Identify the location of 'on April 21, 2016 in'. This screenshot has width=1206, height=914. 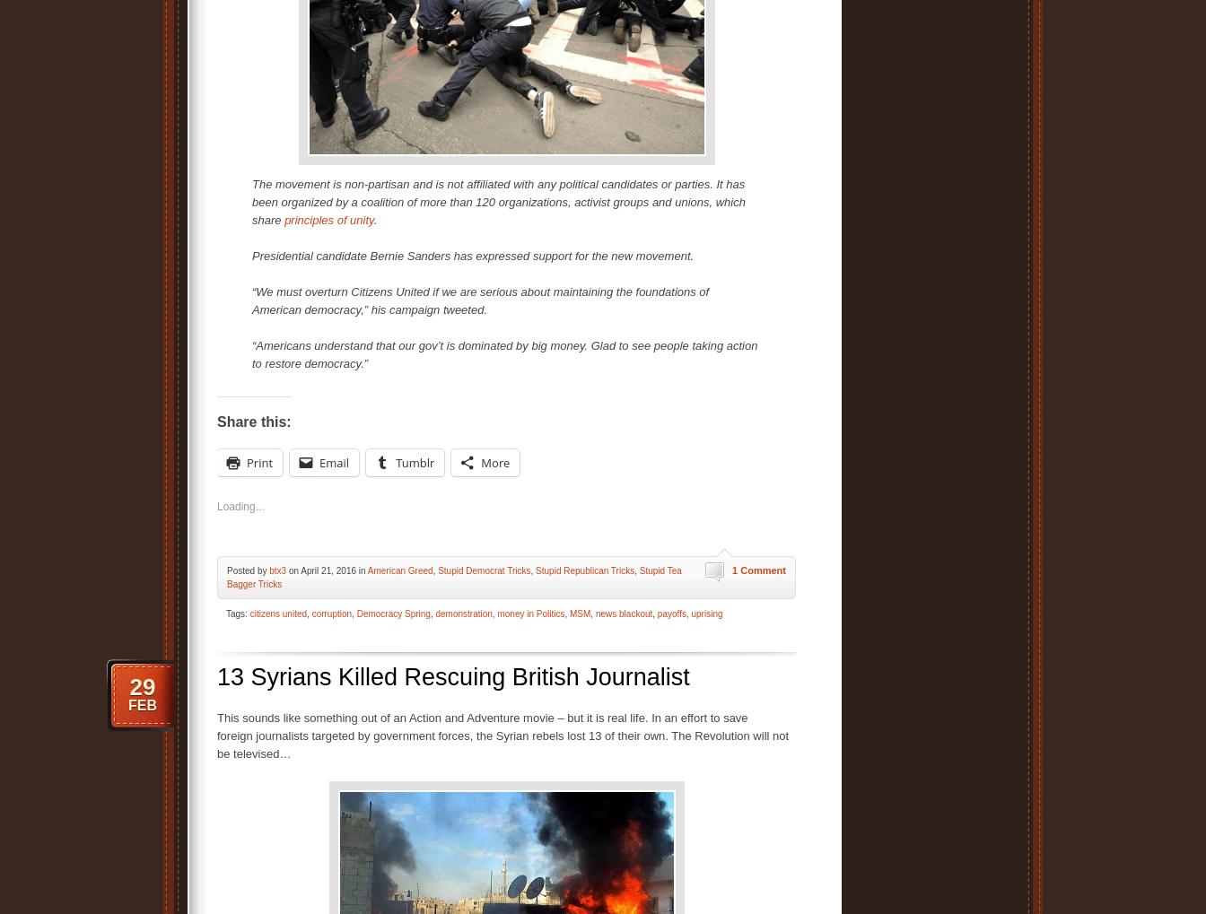
(326, 570).